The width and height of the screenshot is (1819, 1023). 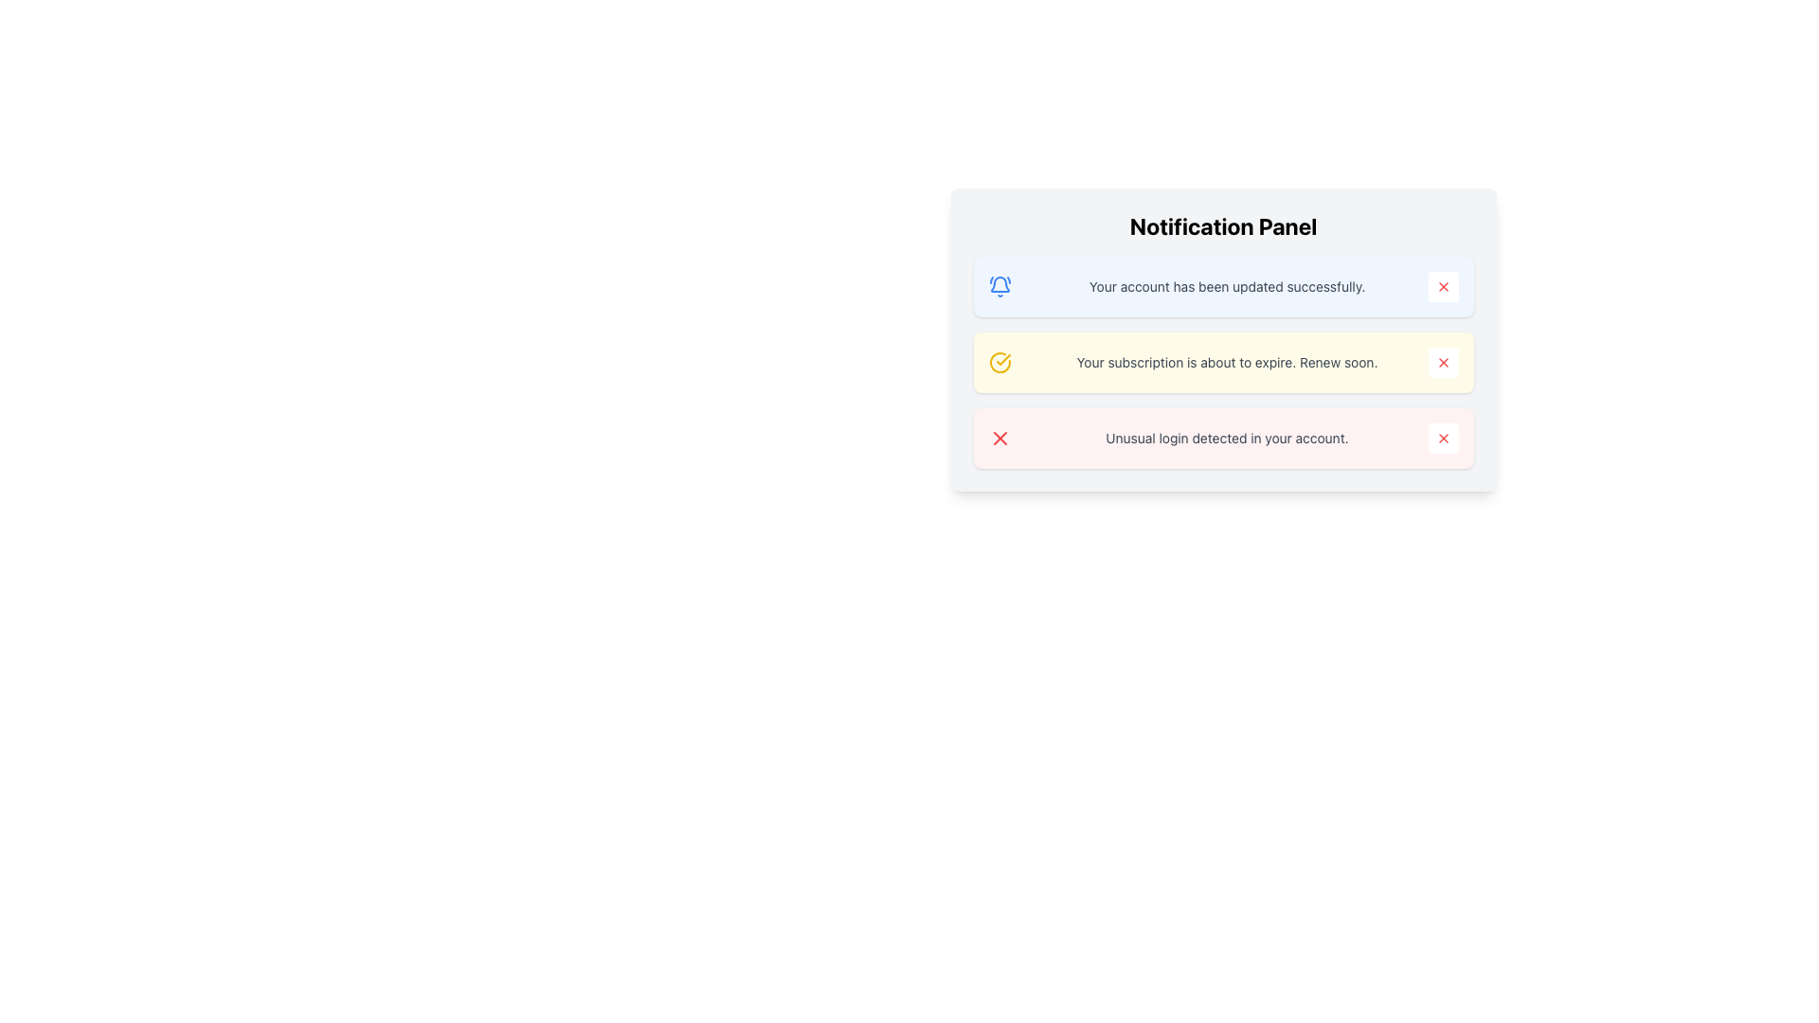 I want to click on the blue bell icon with ringing lines, located to the left of the text 'Your account has been updated successfully.', so click(x=999, y=287).